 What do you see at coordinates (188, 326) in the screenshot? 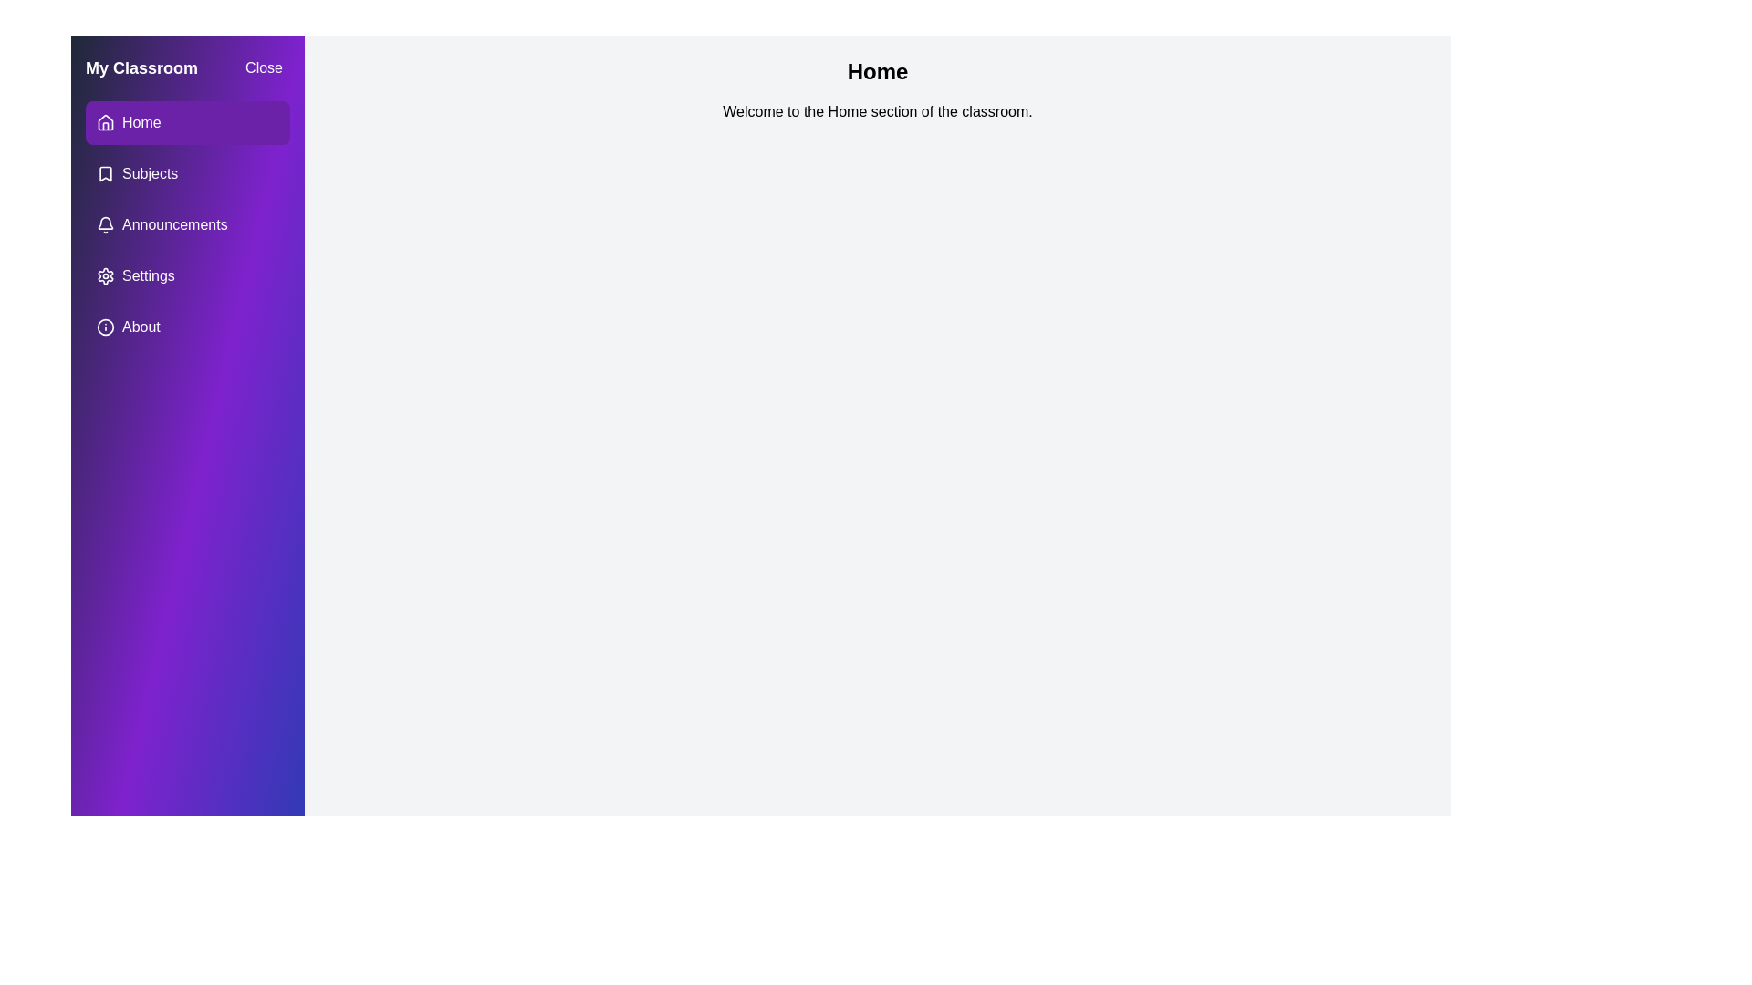
I see `the menu item labeled 'About' to observe visual feedback` at bounding box center [188, 326].